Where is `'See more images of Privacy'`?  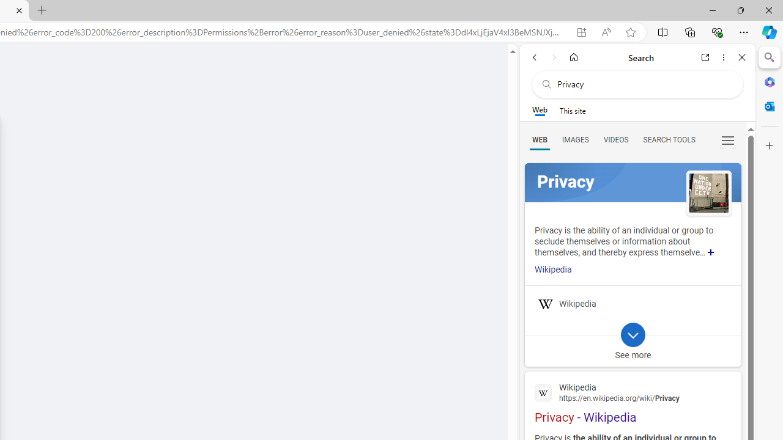 'See more images of Privacy' is located at coordinates (708, 193).